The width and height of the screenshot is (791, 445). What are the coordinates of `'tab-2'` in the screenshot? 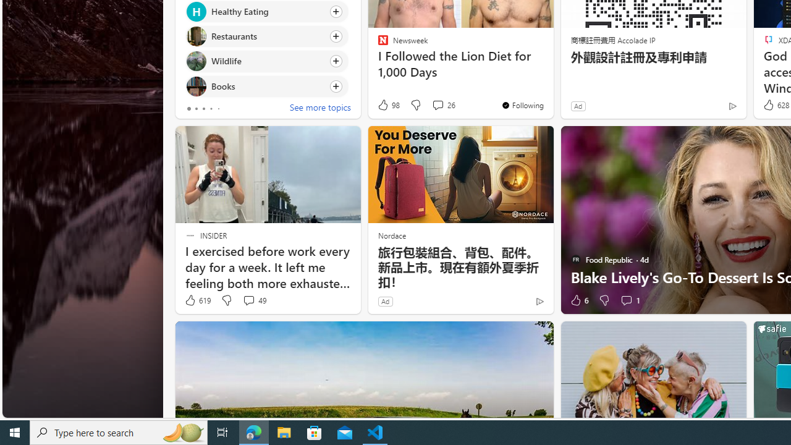 It's located at (203, 108).